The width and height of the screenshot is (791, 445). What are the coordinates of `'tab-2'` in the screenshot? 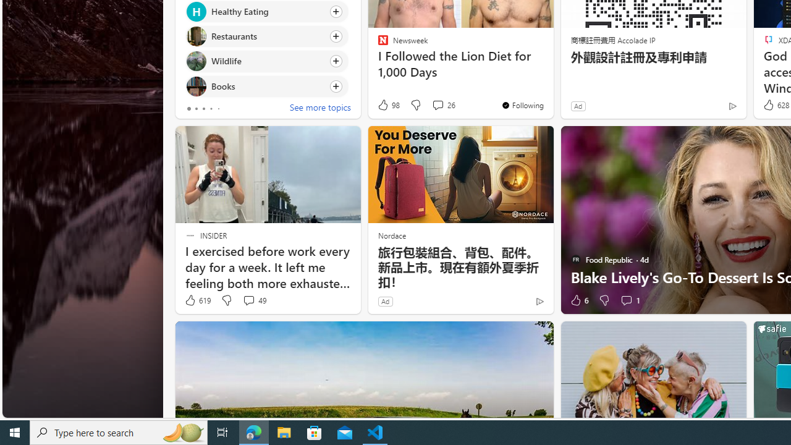 It's located at (203, 108).